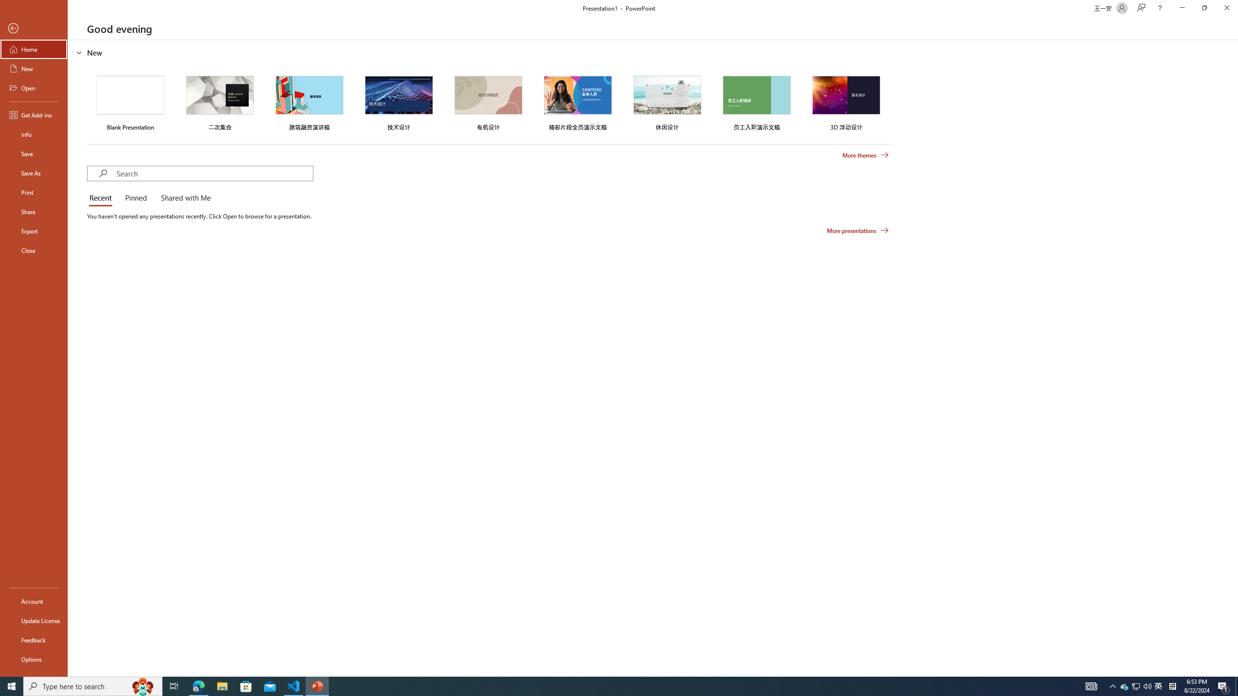  Describe the element at coordinates (1234, 358) in the screenshot. I see `'Class: NetUIScrollBar'` at that location.